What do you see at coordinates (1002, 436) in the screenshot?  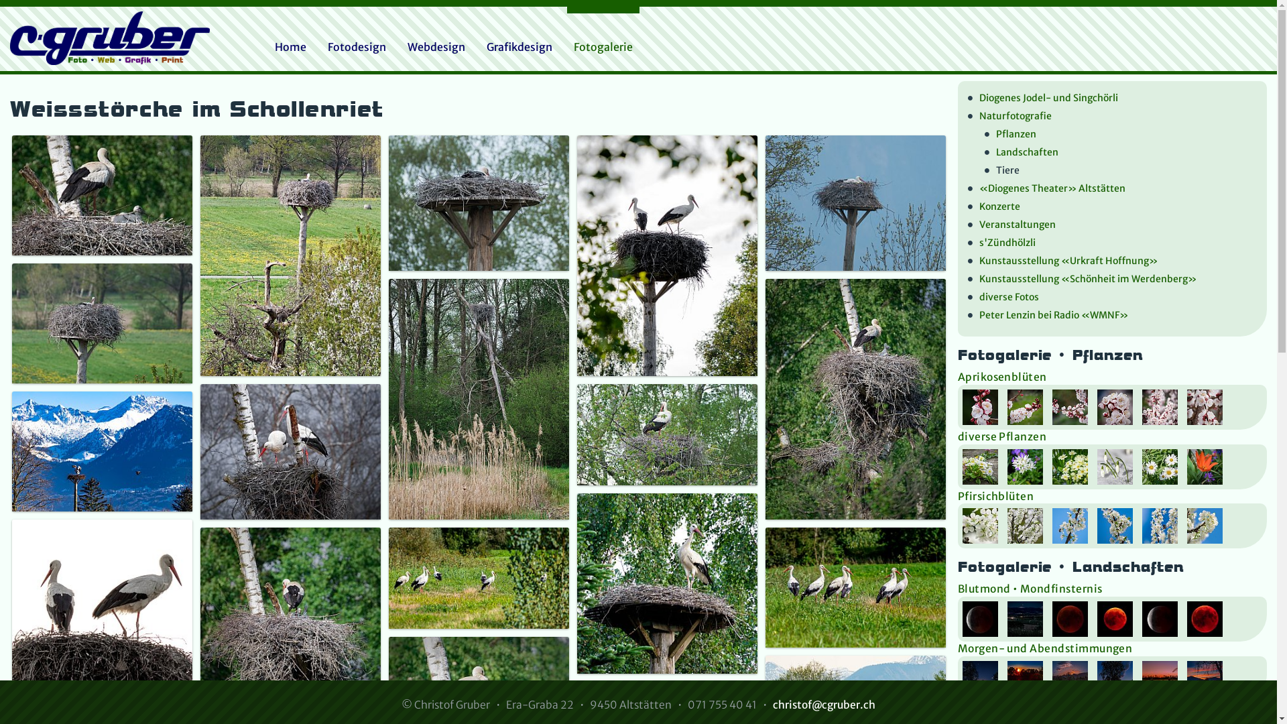 I see `'diverse Pflanzen'` at bounding box center [1002, 436].